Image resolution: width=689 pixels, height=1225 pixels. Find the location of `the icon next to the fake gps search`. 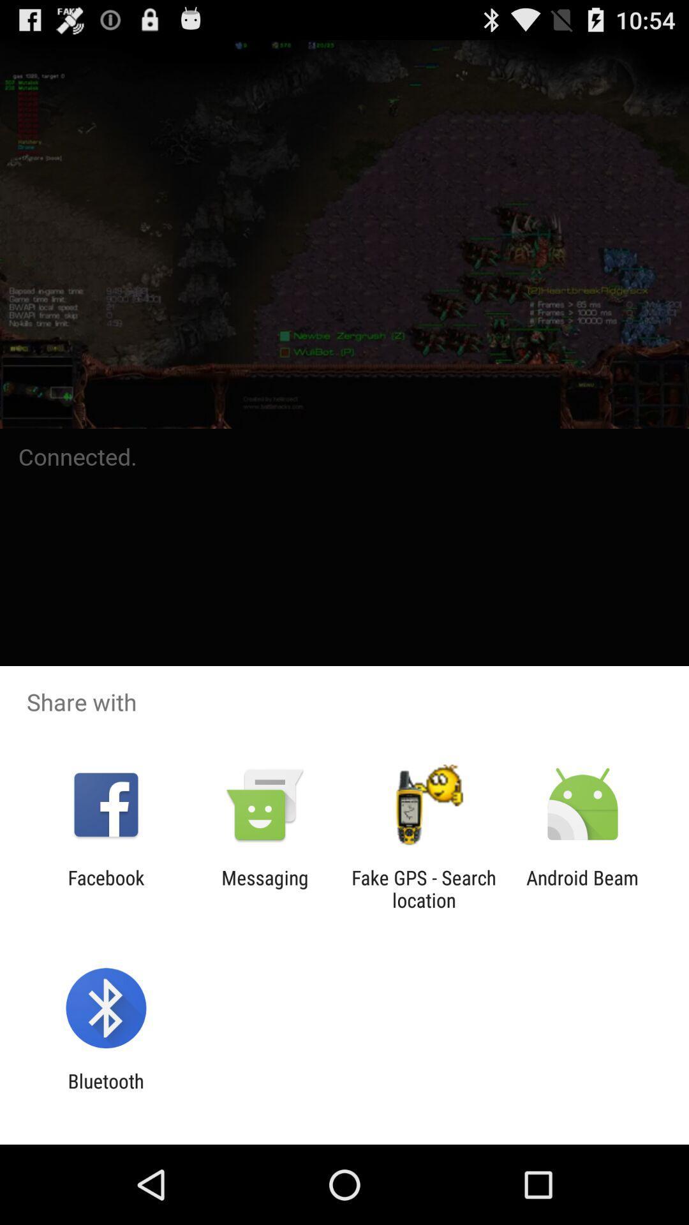

the icon next to the fake gps search is located at coordinates (582, 888).